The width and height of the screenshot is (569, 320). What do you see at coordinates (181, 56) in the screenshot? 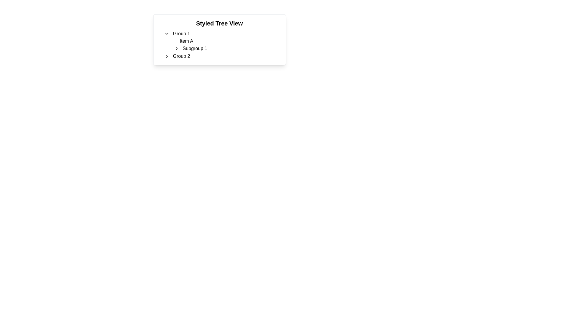
I see `the informational text label representing the second group in the tree view, located at the bottom-left of the tree view block` at bounding box center [181, 56].